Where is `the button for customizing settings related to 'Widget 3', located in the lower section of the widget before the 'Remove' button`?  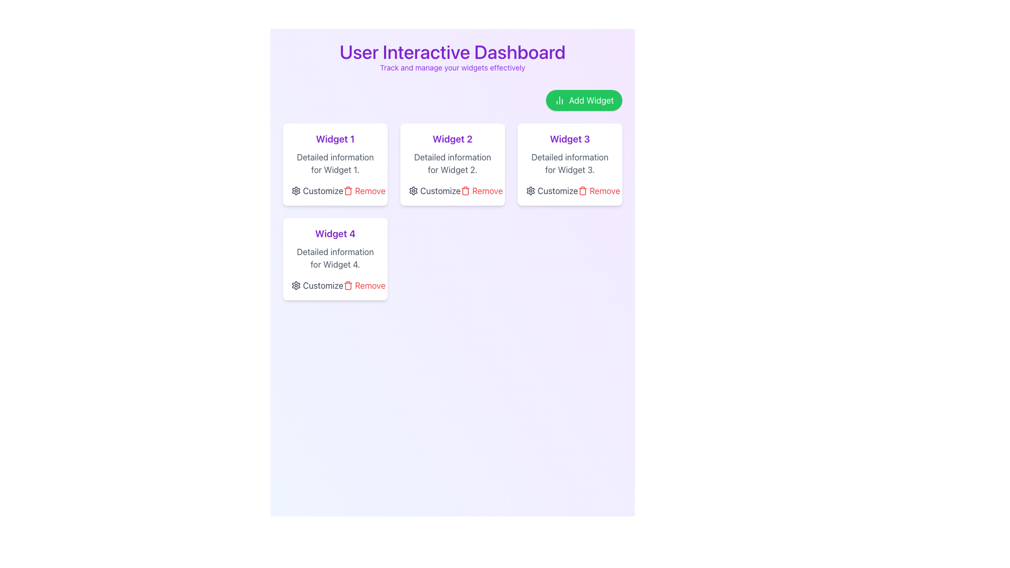 the button for customizing settings related to 'Widget 3', located in the lower section of the widget before the 'Remove' button is located at coordinates (551, 190).